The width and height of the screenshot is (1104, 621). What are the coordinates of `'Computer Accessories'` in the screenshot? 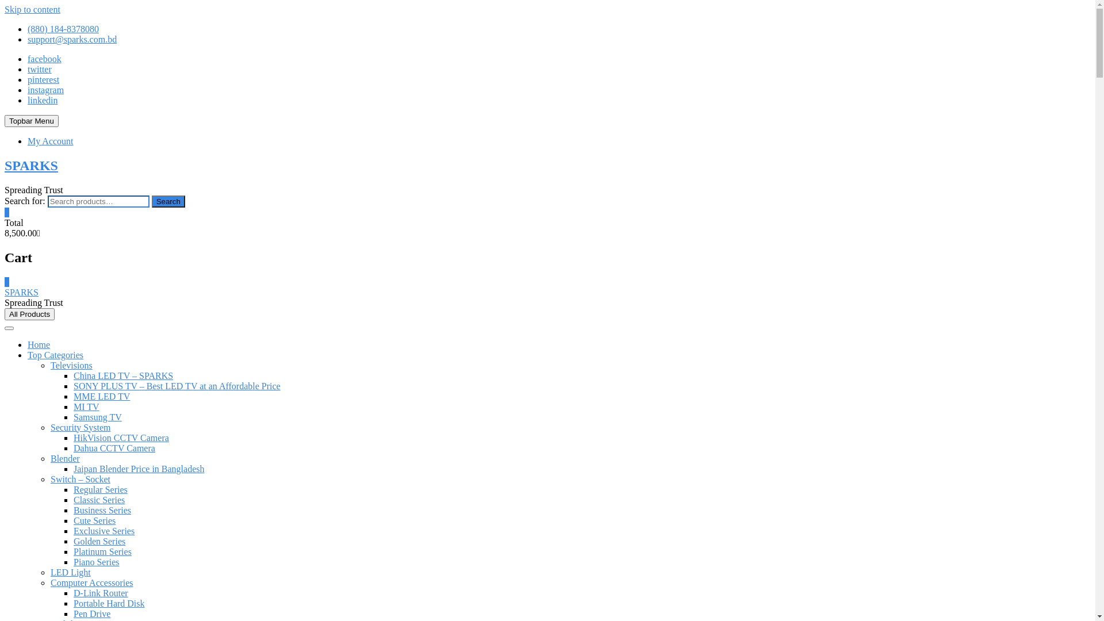 It's located at (91, 582).